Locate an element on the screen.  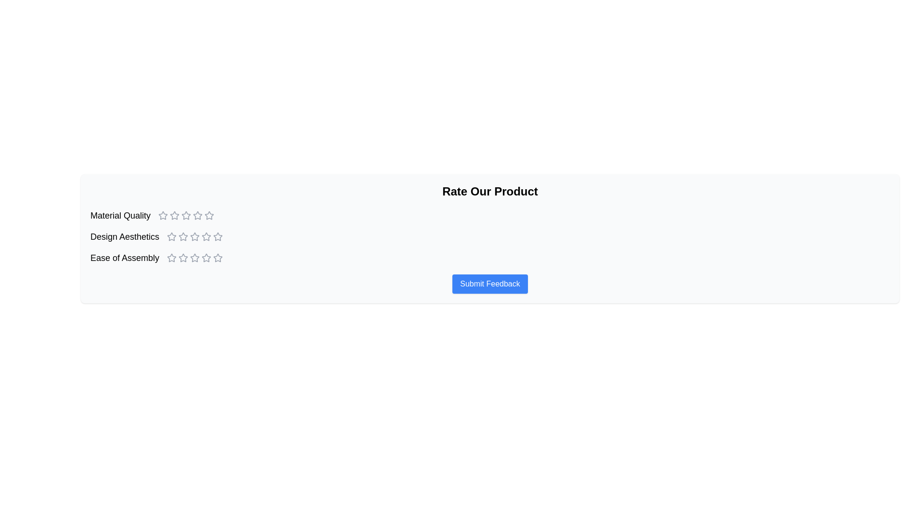
the third star in the rating component labeled 'Material Quality' to rate it is located at coordinates (197, 215).